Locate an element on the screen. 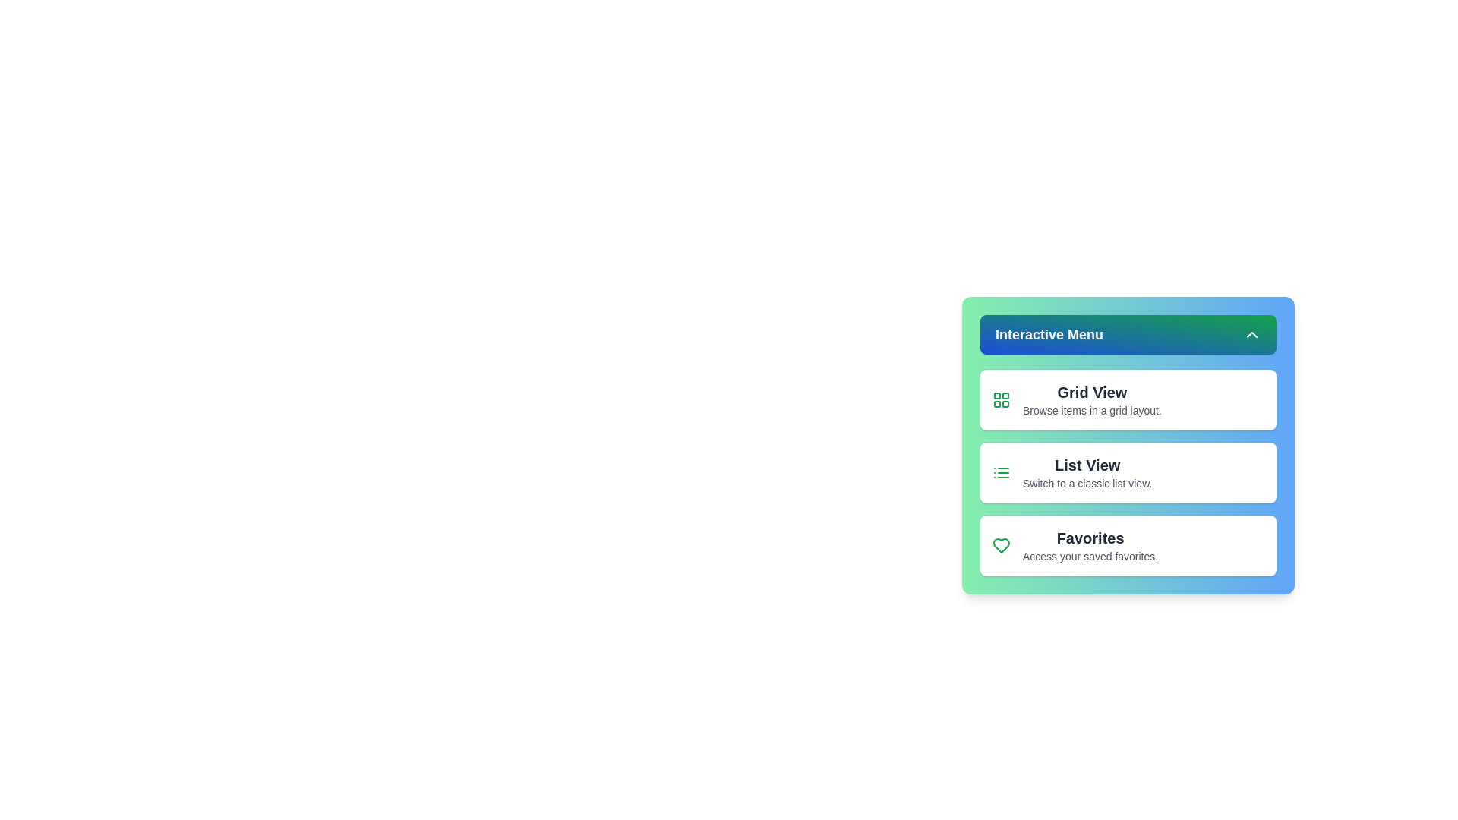 The height and width of the screenshot is (820, 1458). the menu item List View to observe its hover effect is located at coordinates (1128, 472).